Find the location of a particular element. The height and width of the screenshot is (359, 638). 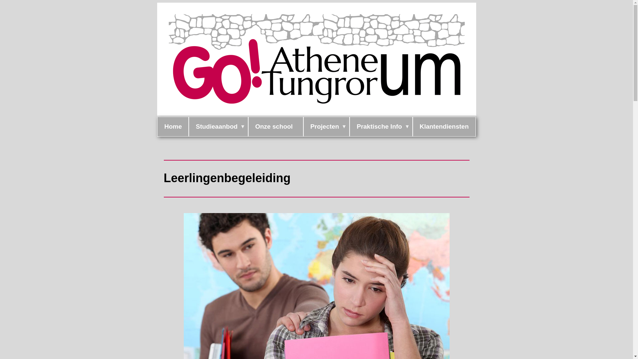

'Studieaanbod' is located at coordinates (218, 127).